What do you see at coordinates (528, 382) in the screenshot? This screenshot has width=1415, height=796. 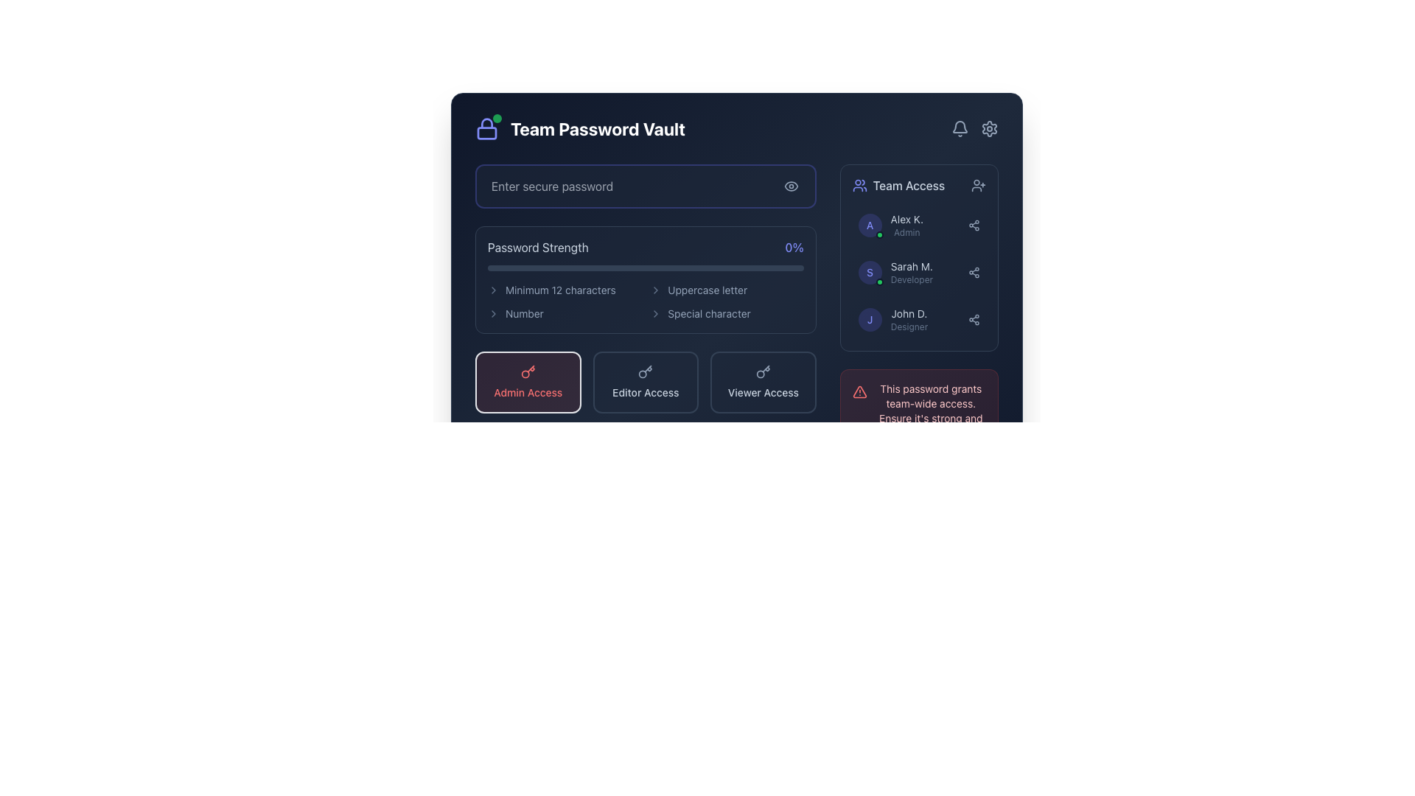 I see `the 'Admin Access' button located in the bottom-left corner of the access level options` at bounding box center [528, 382].